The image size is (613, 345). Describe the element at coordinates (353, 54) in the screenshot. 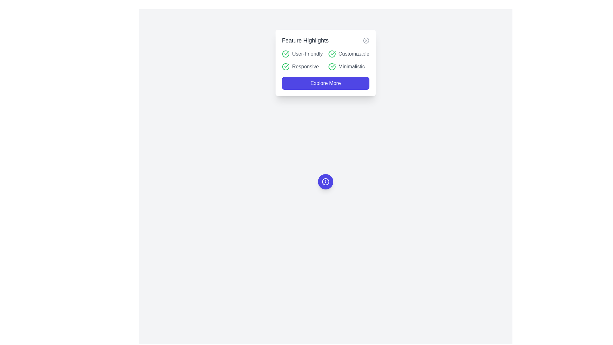

I see `the text element that indicates a customizable feature, located as the second item under 'Feature Highlights' directly to the right of a green checkmark icon` at that location.